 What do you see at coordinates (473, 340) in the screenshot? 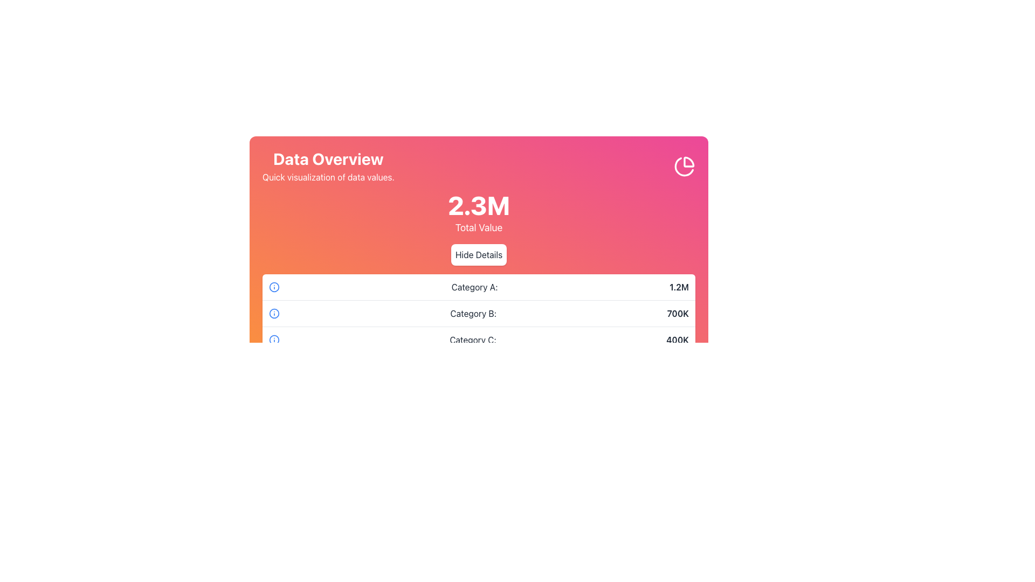
I see `text label displaying 'Category C:' which is located in the Data Overview section, specifically the last entry in the list associated with Category C` at bounding box center [473, 340].